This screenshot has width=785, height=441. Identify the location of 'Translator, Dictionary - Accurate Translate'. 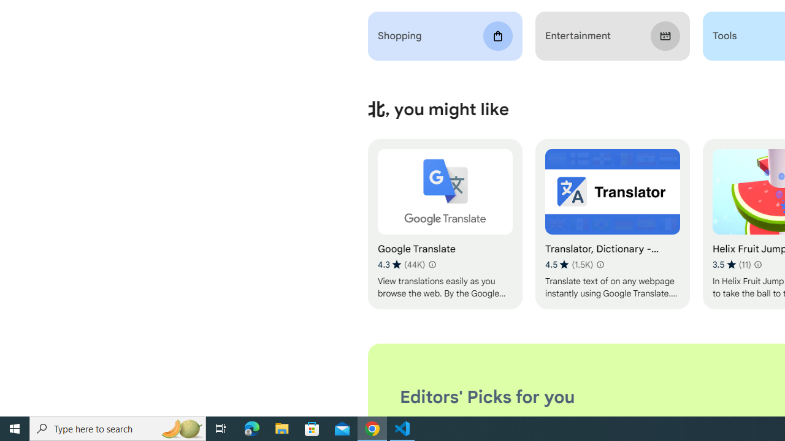
(612, 224).